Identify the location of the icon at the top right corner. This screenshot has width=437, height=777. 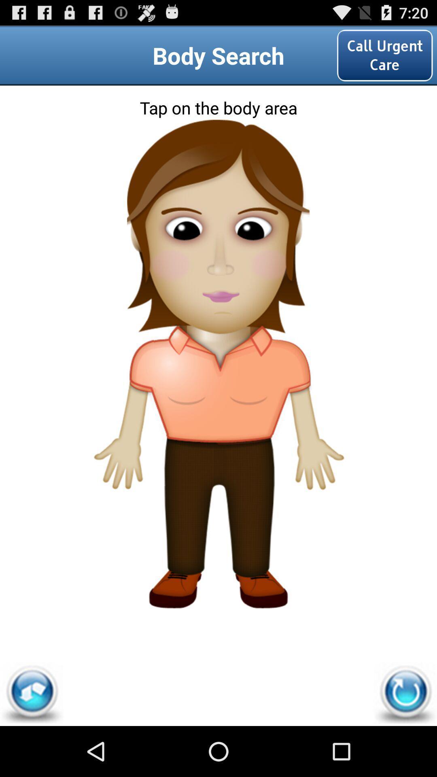
(384, 55).